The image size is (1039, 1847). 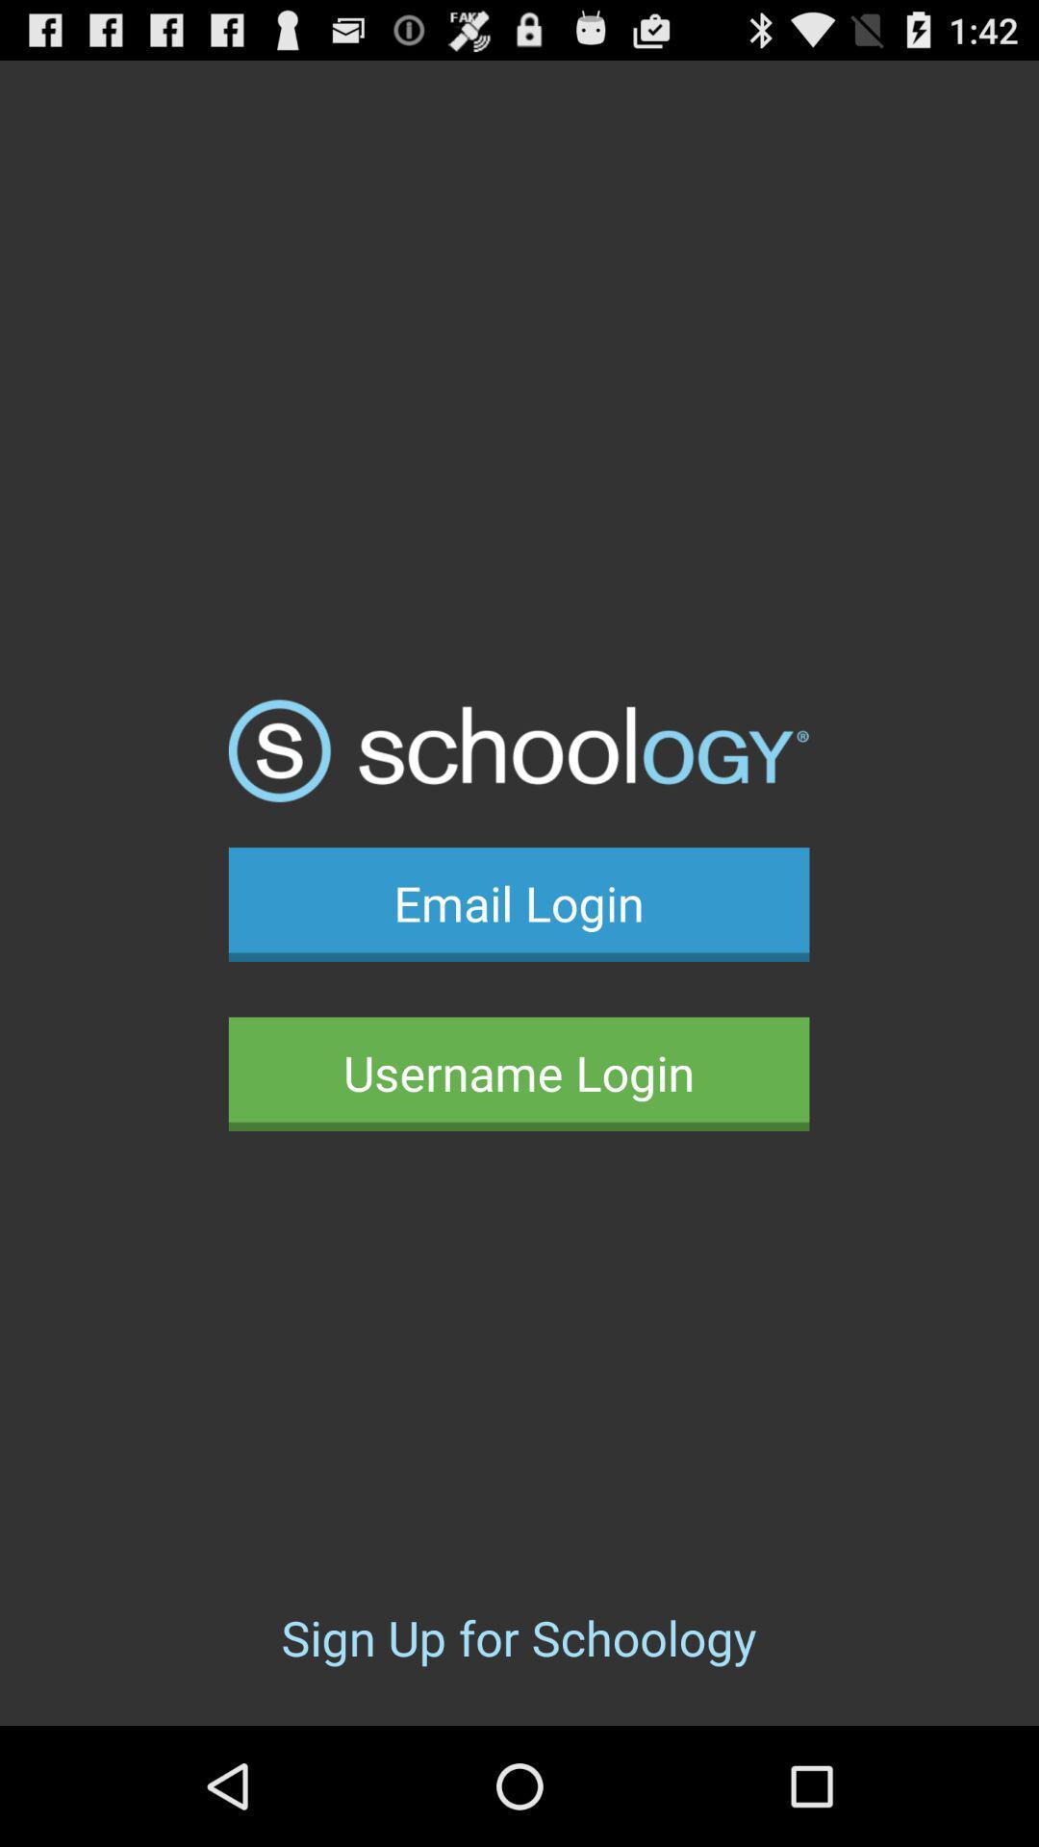 What do you see at coordinates (518, 1073) in the screenshot?
I see `button above the sign up for button` at bounding box center [518, 1073].